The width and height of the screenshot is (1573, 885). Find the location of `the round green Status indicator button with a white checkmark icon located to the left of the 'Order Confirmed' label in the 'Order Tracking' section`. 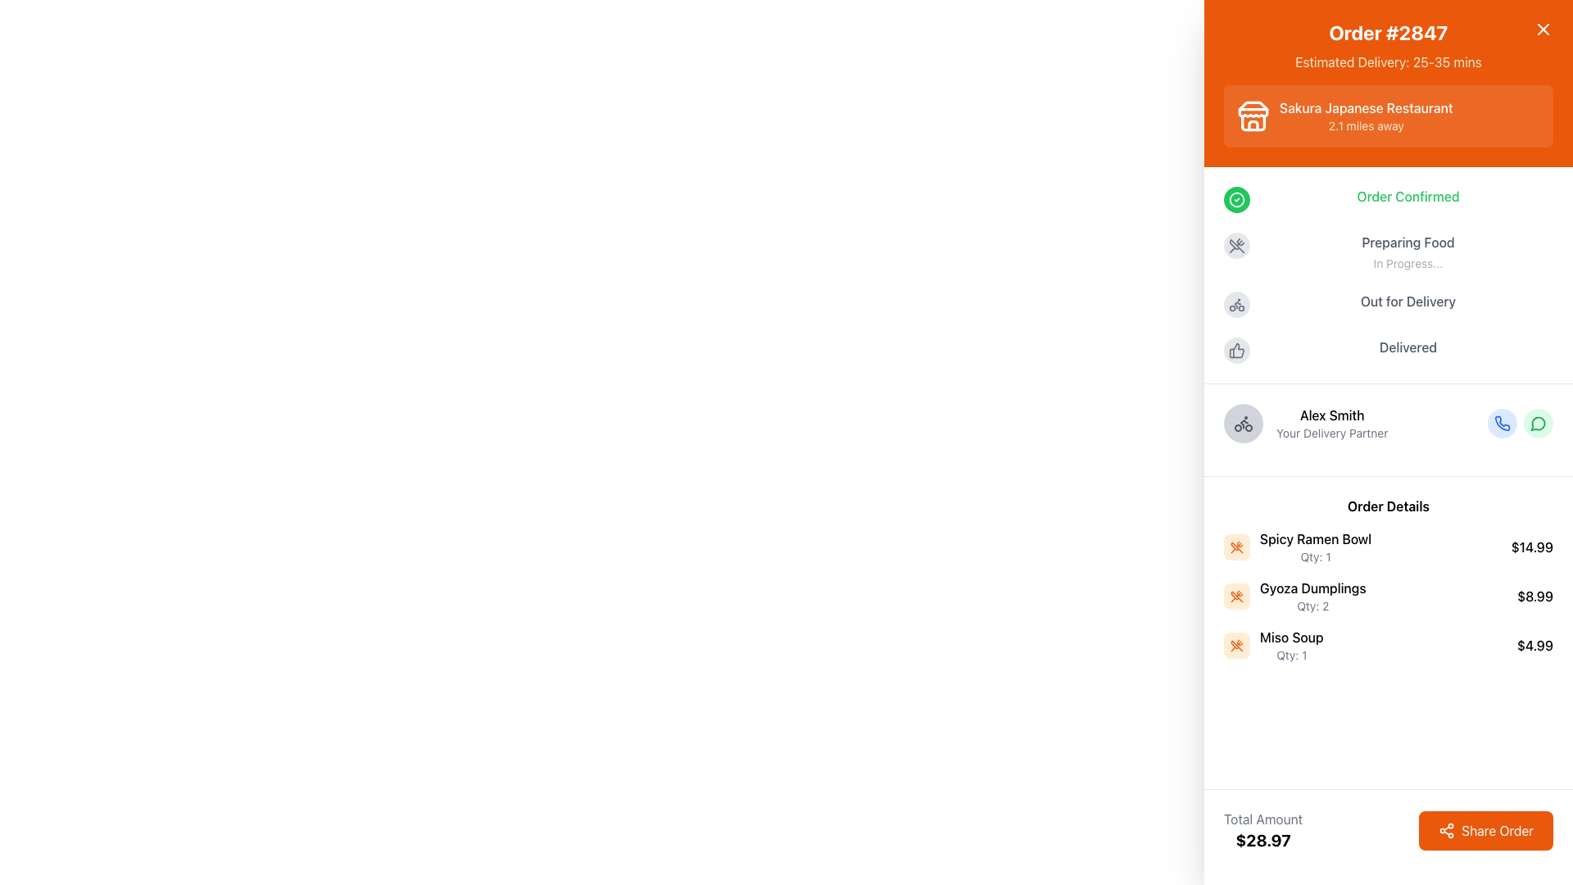

the round green Status indicator button with a white checkmark icon located to the left of the 'Order Confirmed' label in the 'Order Tracking' section is located at coordinates (1237, 198).